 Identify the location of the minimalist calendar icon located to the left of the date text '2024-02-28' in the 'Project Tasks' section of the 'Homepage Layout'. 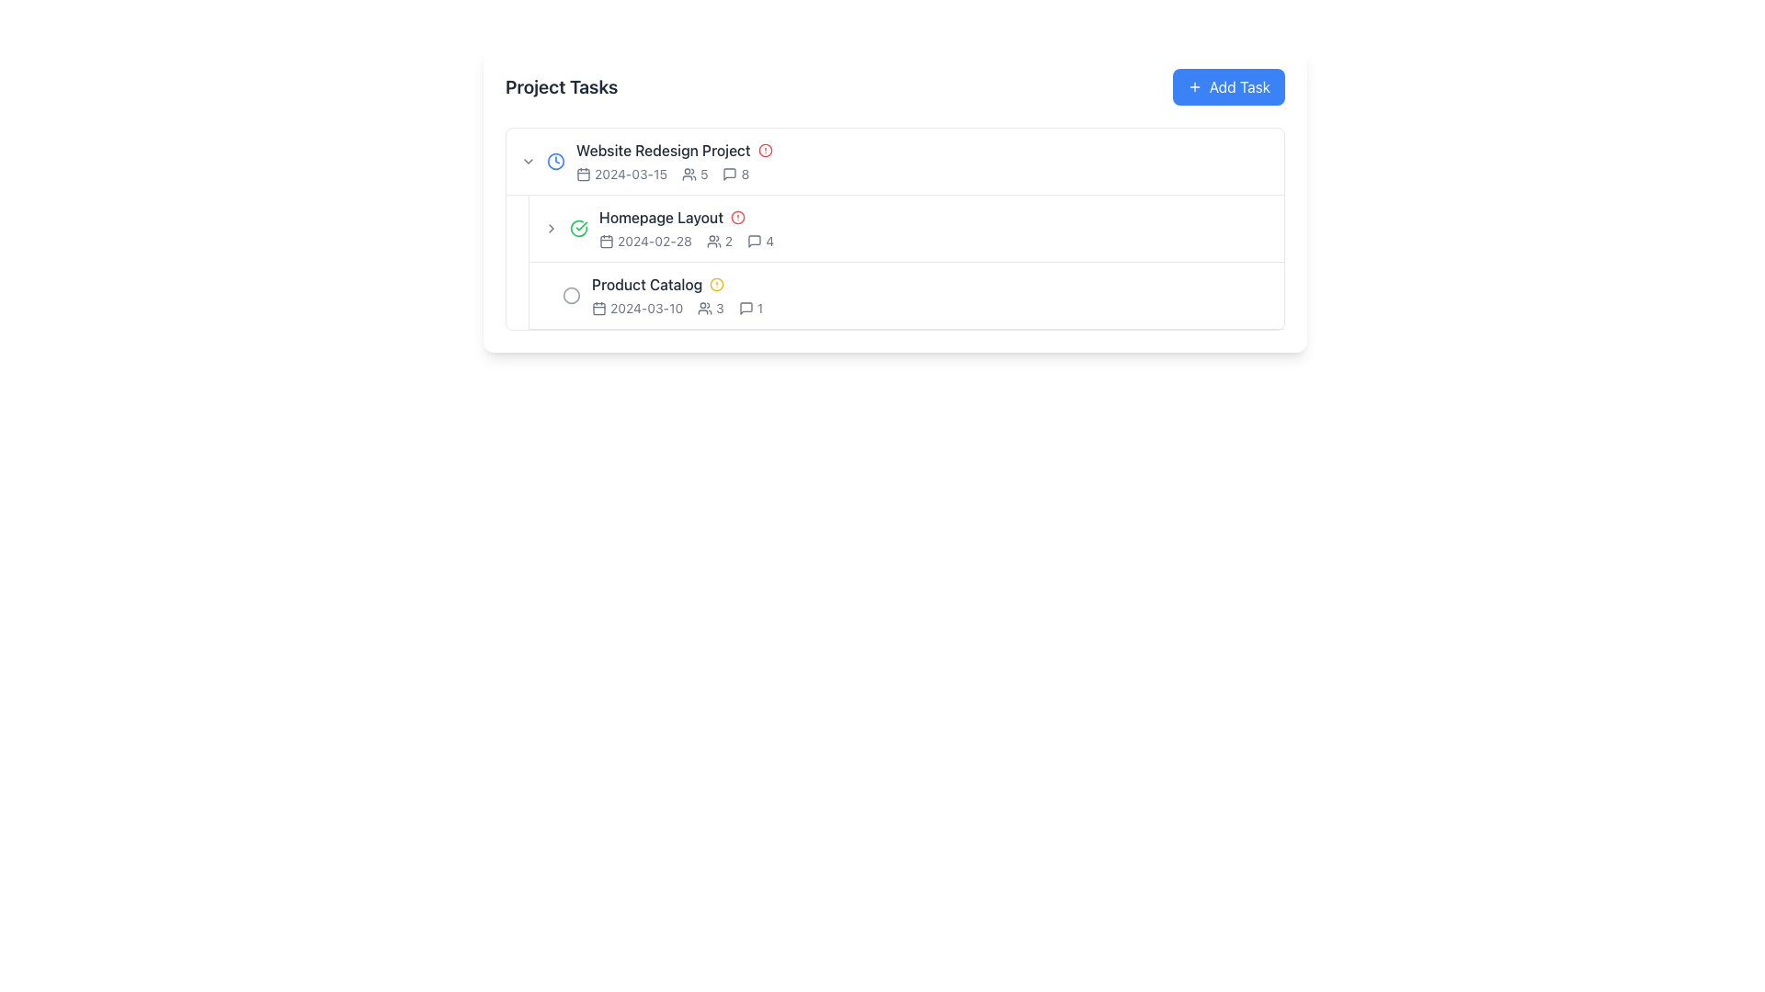
(607, 240).